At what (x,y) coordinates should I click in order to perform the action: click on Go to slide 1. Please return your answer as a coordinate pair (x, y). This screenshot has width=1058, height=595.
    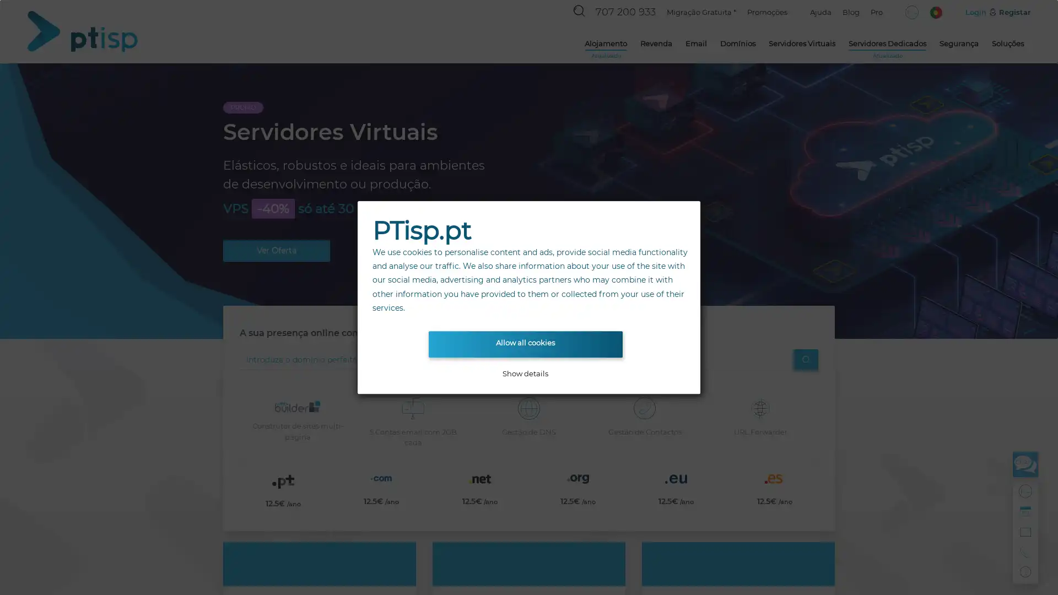
    Looking at the image, I should click on (496, 293).